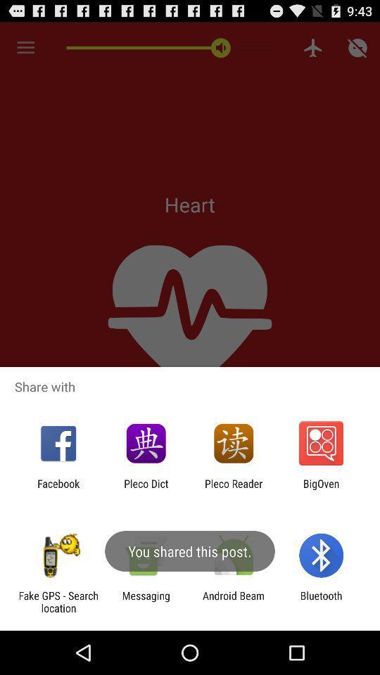  What do you see at coordinates (234, 601) in the screenshot?
I see `the app next to bluetooth icon` at bounding box center [234, 601].